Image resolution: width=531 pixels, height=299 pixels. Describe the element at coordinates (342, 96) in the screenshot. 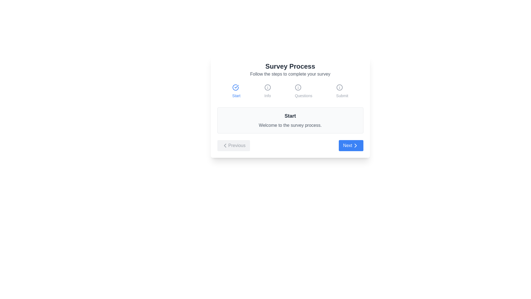

I see `the 'Submit' text label, which is styled in a smaller, subdued font and positioned below an icon in the top center area of the interface` at that location.